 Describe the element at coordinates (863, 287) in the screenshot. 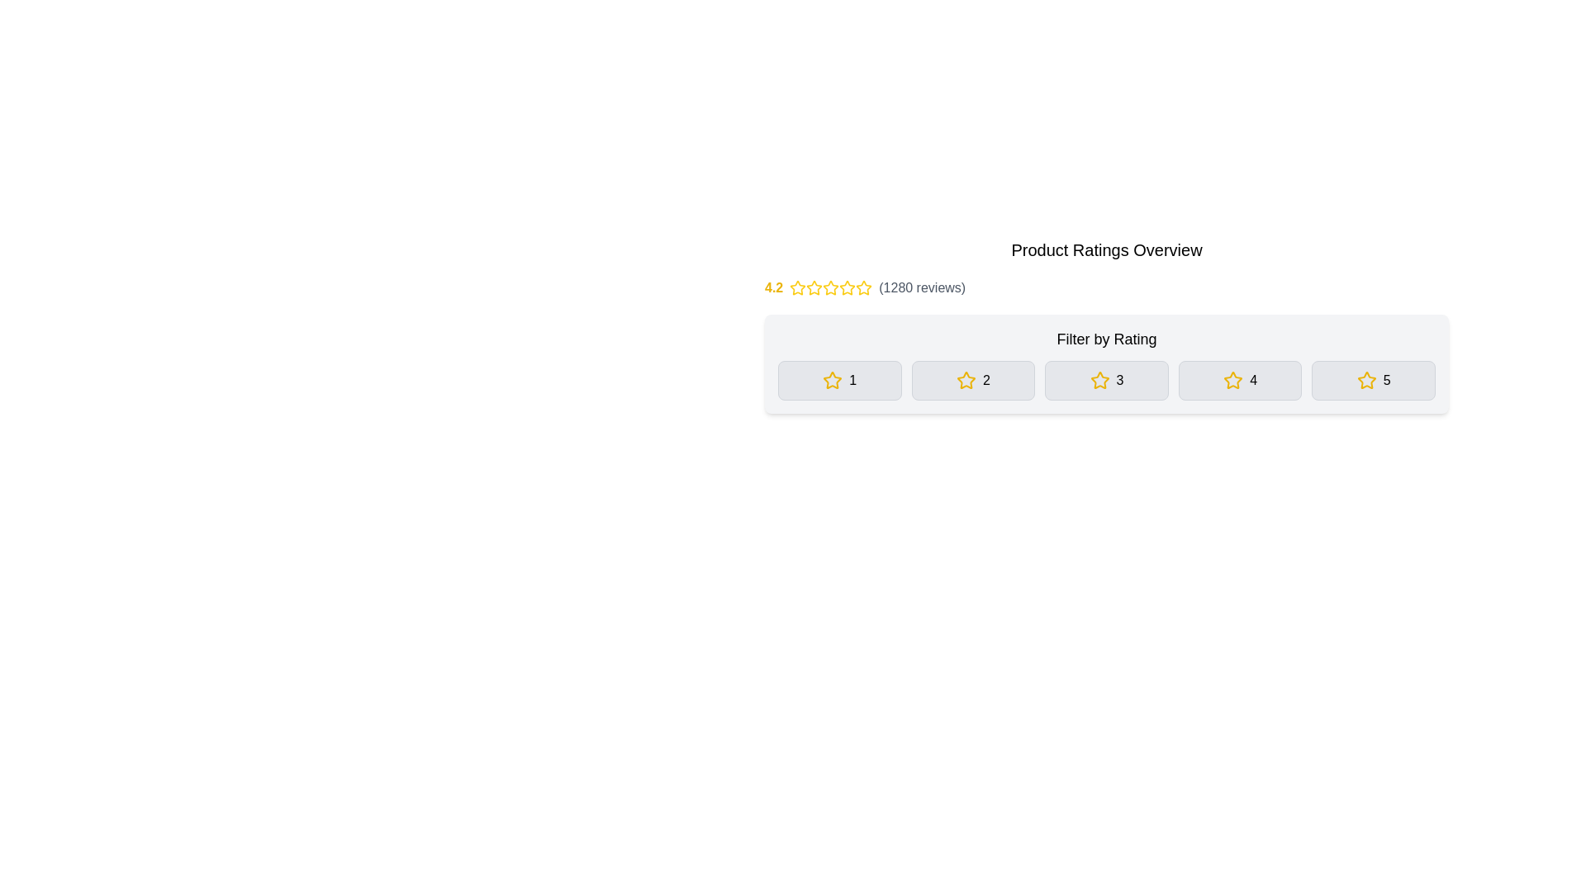

I see `the fourth star icon in the rating scale, which visually represents a rating of 4.2 and is located in the top center area of the interface` at that location.